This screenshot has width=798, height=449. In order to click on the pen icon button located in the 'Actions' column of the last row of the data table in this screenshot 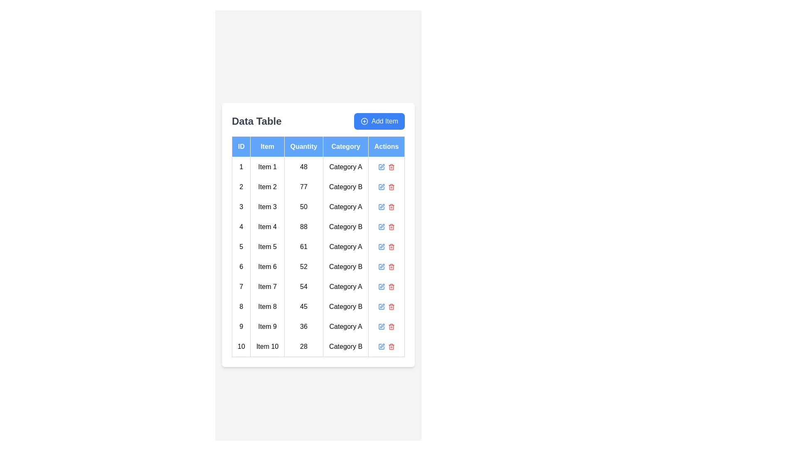, I will do `click(382, 306)`.